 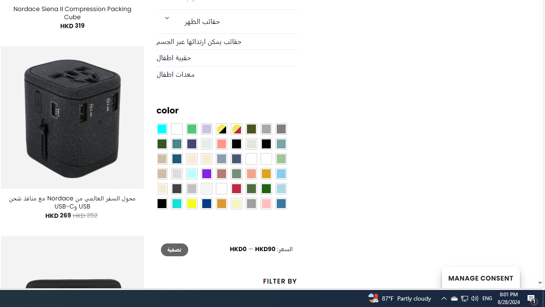 I want to click on 'Nordace Siena II Compression Packing Cube', so click(x=72, y=13).